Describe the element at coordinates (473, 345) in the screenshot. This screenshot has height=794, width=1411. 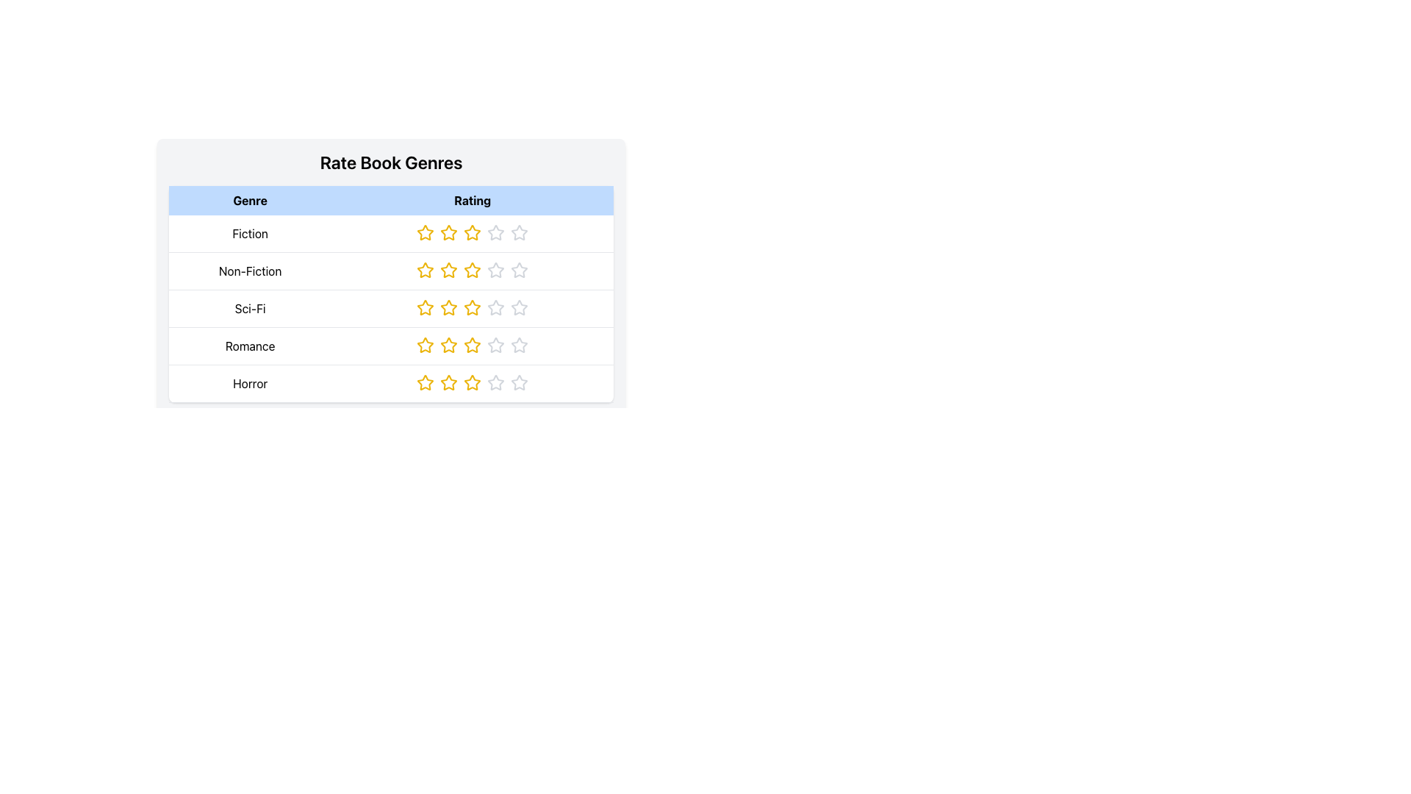
I see `the third star icon in the Romance row of the rating system` at that location.